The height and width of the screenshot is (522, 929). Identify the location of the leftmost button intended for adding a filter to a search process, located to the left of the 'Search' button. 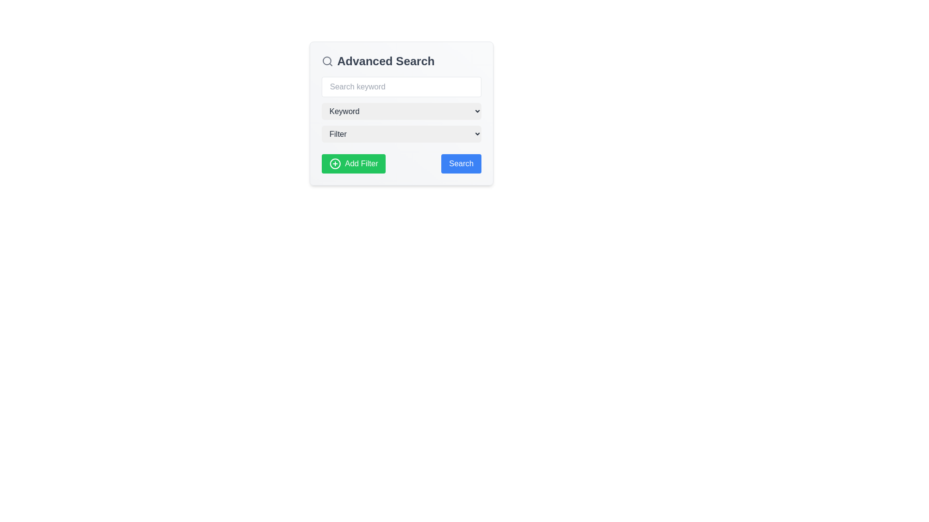
(353, 163).